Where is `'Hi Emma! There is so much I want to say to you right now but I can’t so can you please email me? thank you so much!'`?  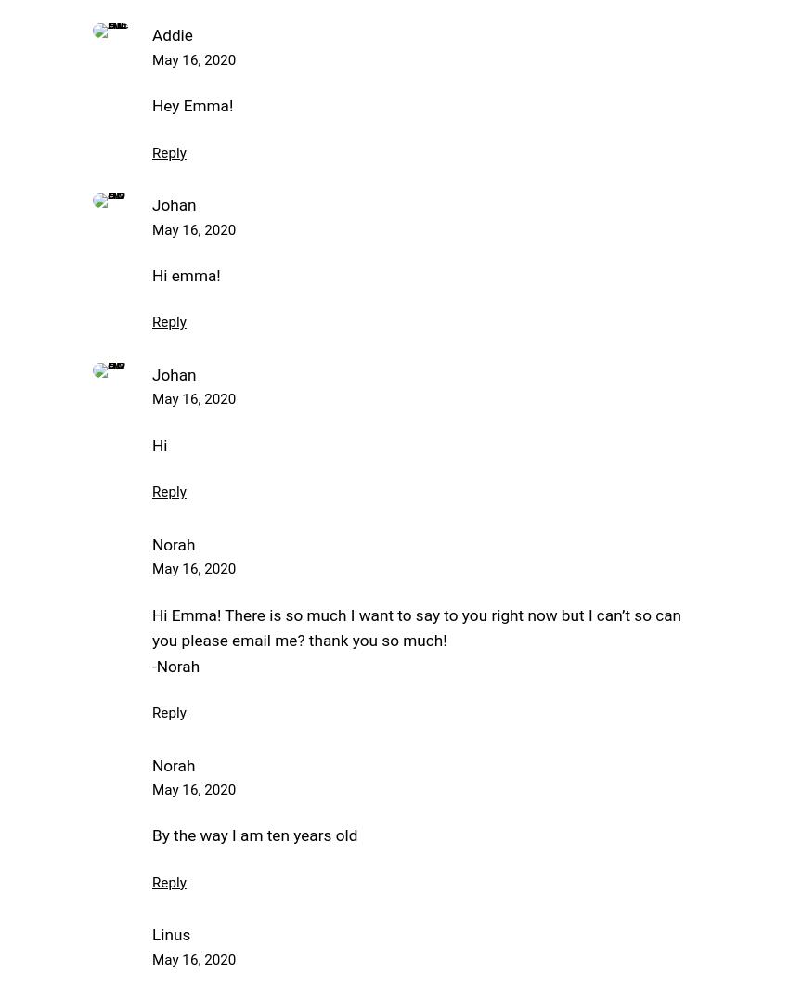
'Hi Emma! There is so much I want to say to you right now but I can’t so can you please email me? thank you so much!' is located at coordinates (415, 626).